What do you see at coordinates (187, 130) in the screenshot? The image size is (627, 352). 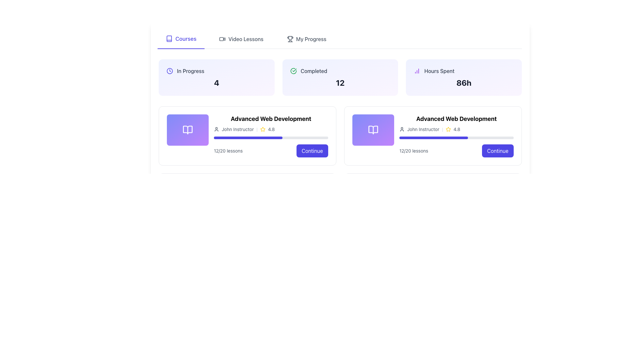 I see `the SVG icon representing 'Advanced Web Development' located in the left card with a gradient purple background, positioned below the 'In Progress' section of the dashboard` at bounding box center [187, 130].